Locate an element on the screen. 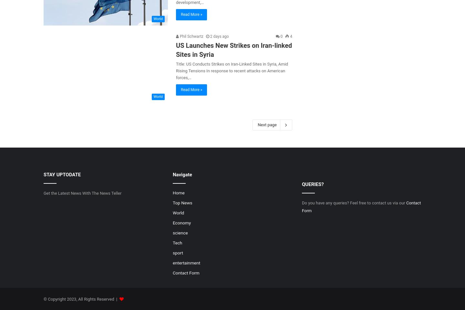  'QUERIES?' is located at coordinates (312, 184).